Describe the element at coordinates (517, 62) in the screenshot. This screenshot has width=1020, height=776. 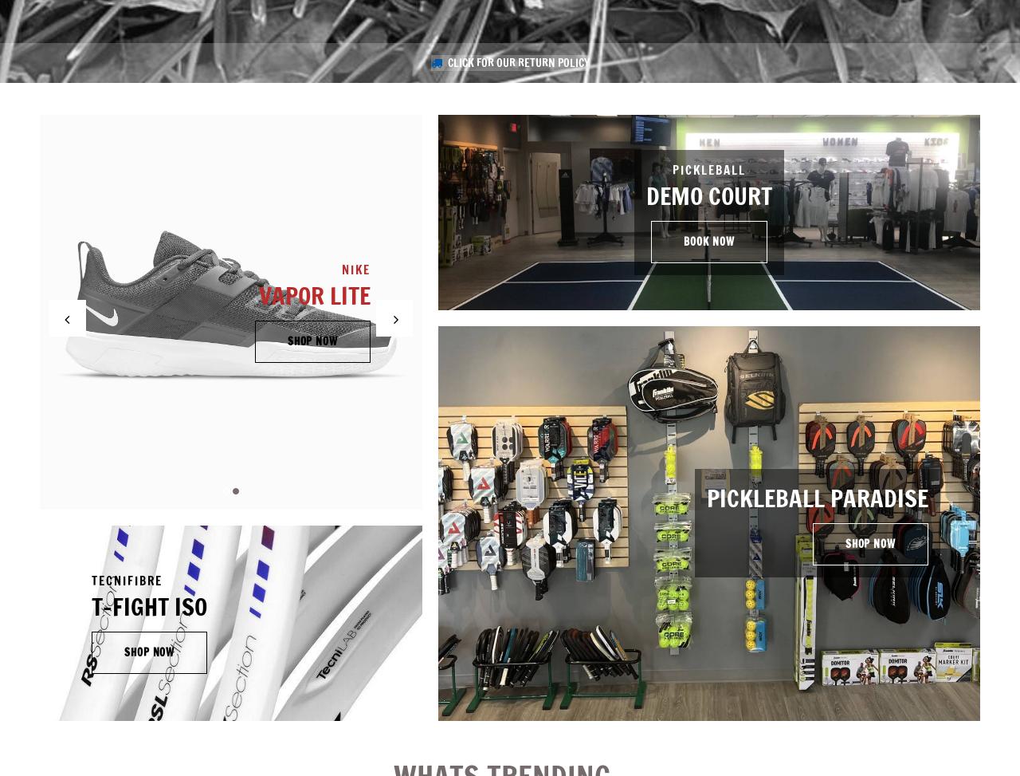
I see `'CLICK FOR OUR RETURN POLICY'` at that location.